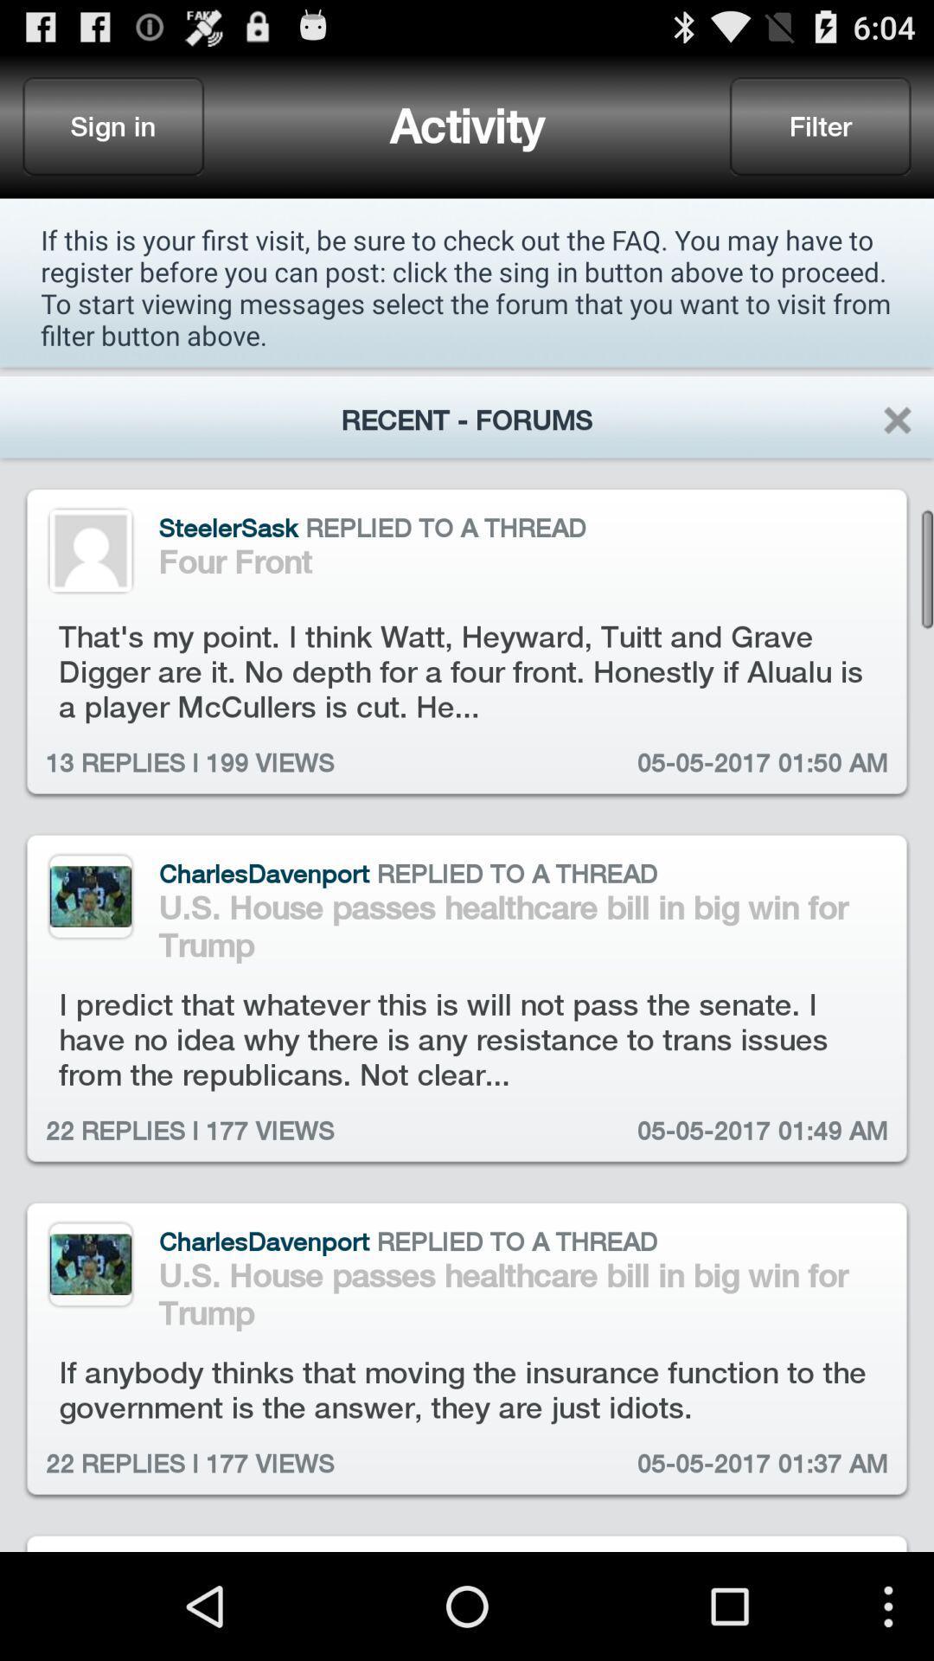 The width and height of the screenshot is (934, 1661). I want to click on click profile picture, so click(90, 1264).